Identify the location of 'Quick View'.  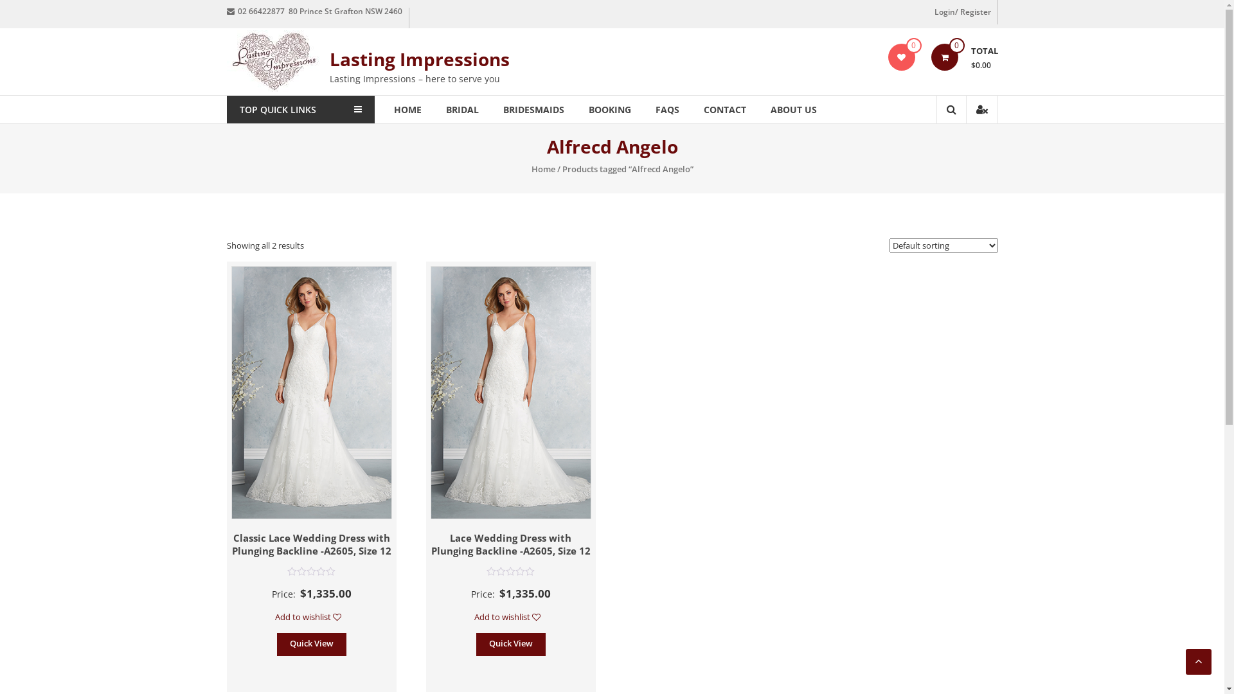
(475, 644).